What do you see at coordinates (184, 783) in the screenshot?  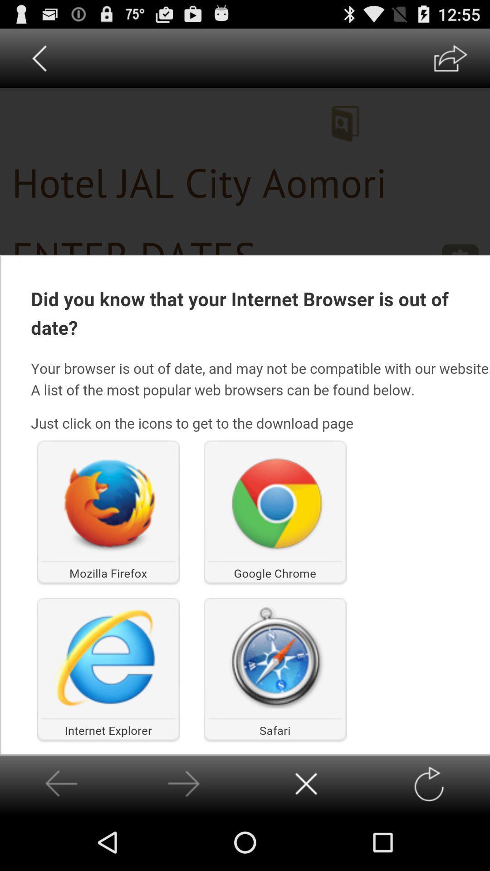 I see `move to the next screen` at bounding box center [184, 783].